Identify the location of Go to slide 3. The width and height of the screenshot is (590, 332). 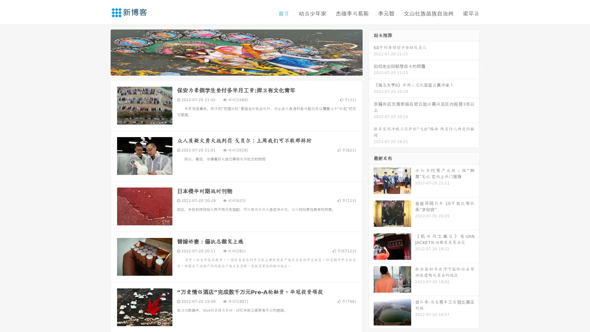
(242, 69).